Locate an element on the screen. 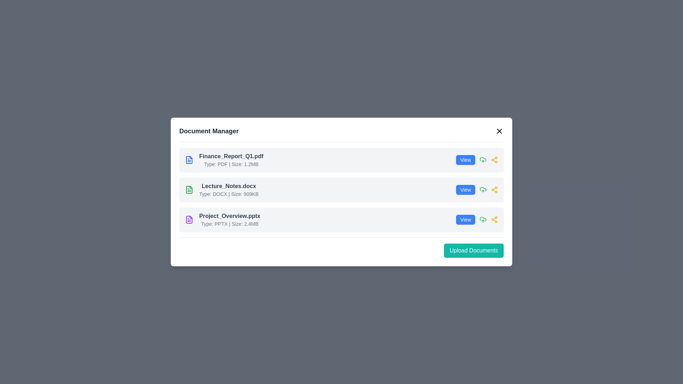 Image resolution: width=683 pixels, height=384 pixels. the Share button icon located in the Document Manager dialog box, which is the third icon in a row after 'View' is located at coordinates (494, 219).